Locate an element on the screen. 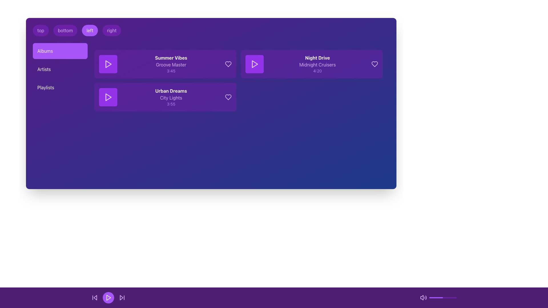 The height and width of the screenshot is (308, 548). the bold text label 'Urban Dreams' which is centrally aligned within a purple rectangular background, located in the Albums section above 'City Lights' is located at coordinates (171, 91).